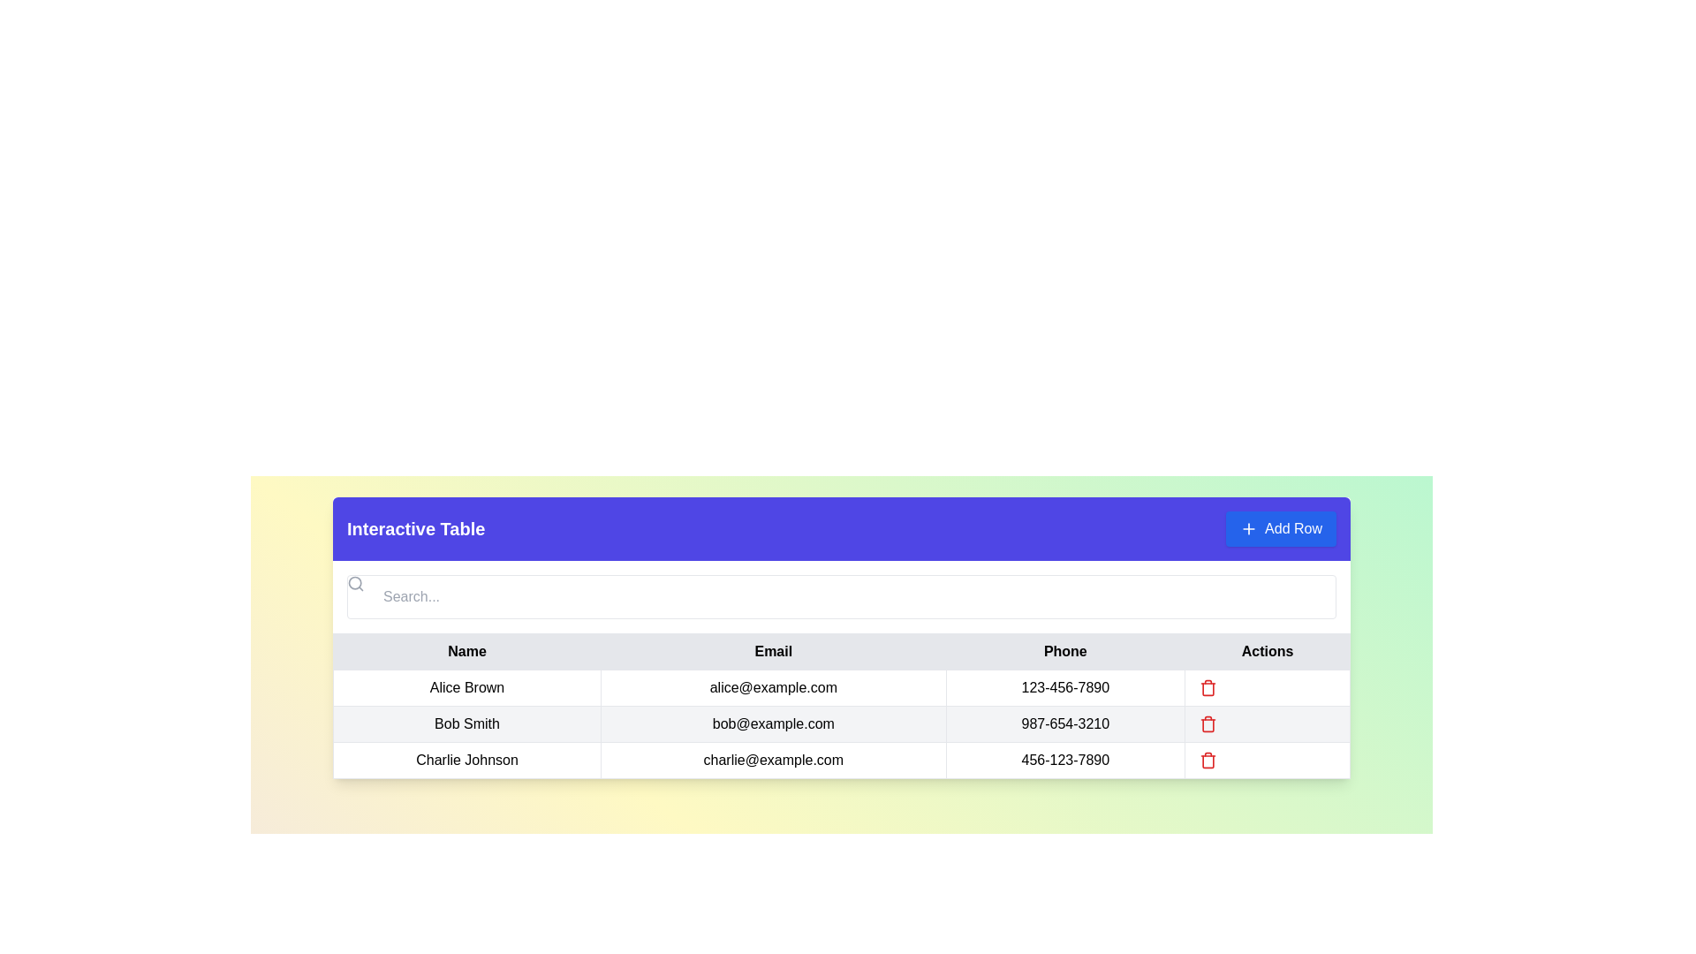  I want to click on the static text element displaying the email address located in the second column of the bottom row of the table, so click(773, 759).